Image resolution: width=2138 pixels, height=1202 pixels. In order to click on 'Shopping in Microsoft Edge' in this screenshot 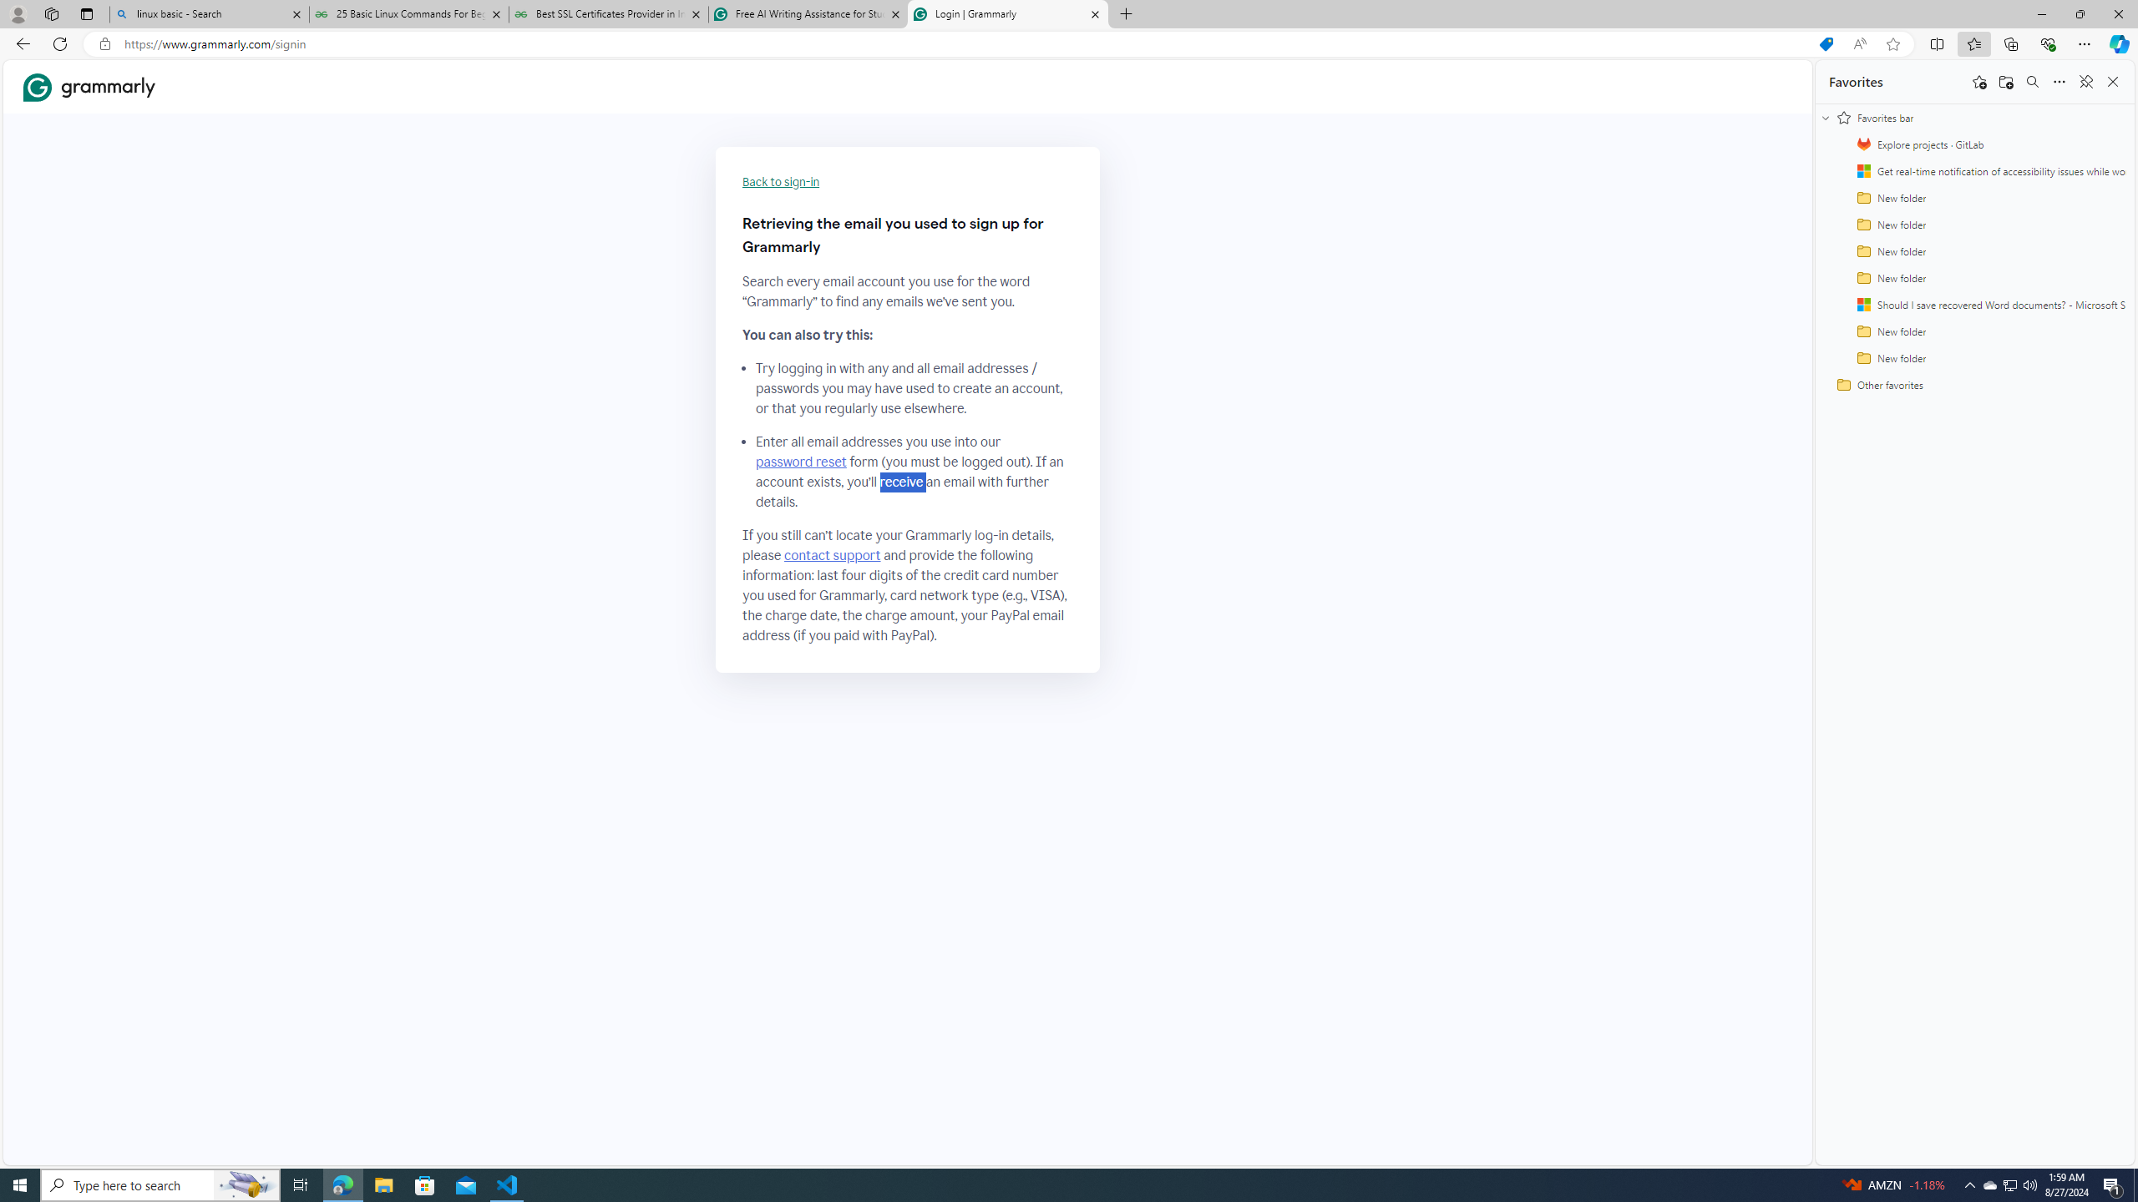, I will do `click(1825, 44)`.